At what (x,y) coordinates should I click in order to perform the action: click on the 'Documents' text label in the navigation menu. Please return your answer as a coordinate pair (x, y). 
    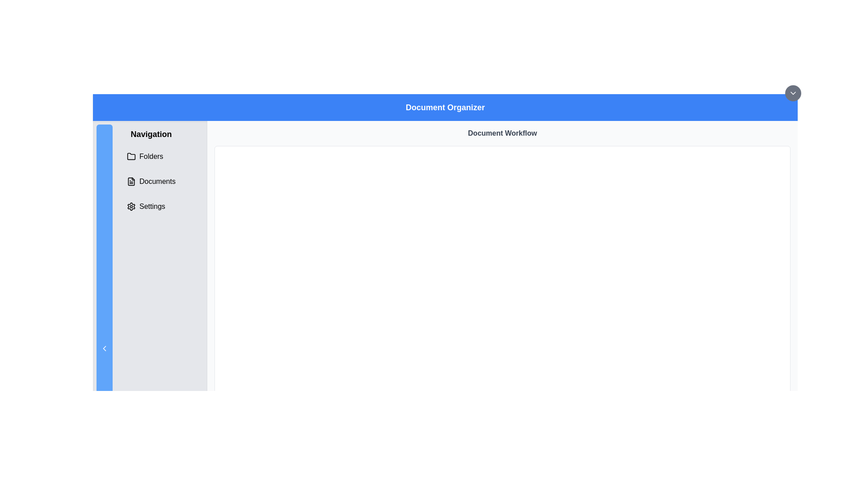
    Looking at the image, I should click on (157, 181).